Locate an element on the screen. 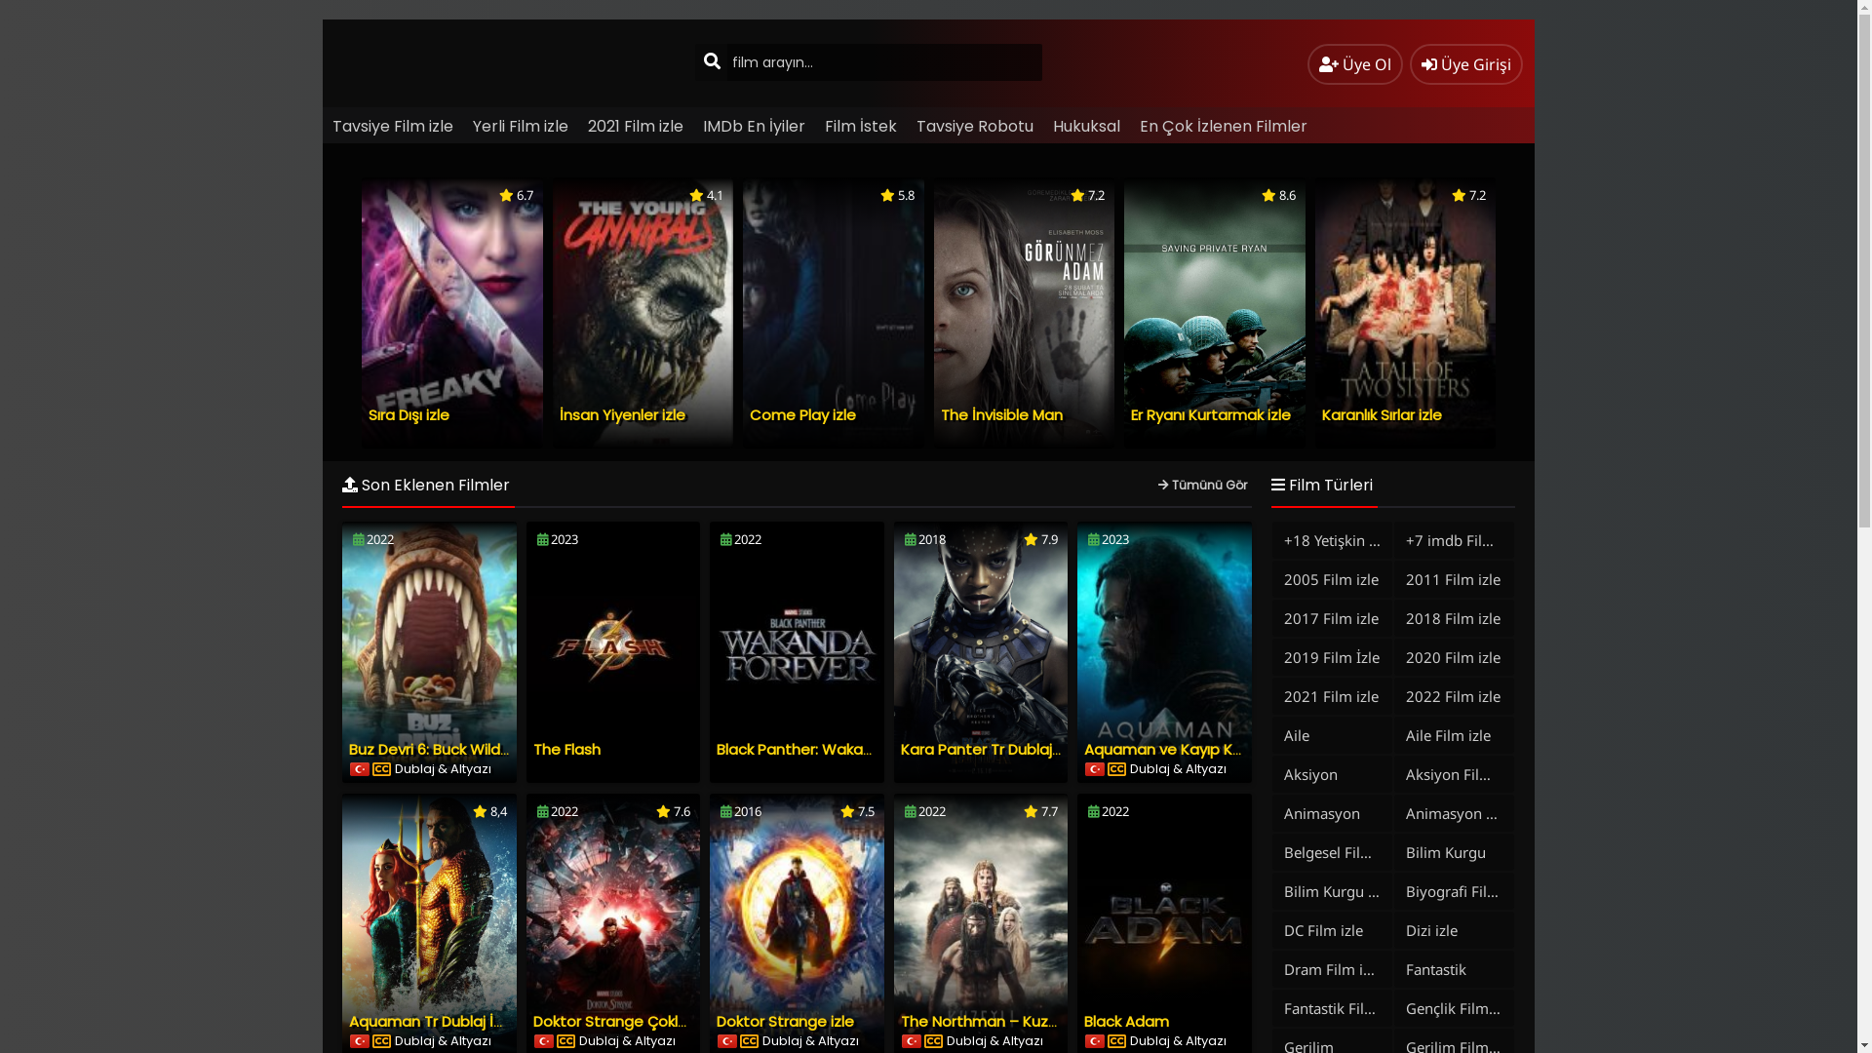 This screenshot has width=1872, height=1053. 'Doktor Strange izle' is located at coordinates (785, 1020).